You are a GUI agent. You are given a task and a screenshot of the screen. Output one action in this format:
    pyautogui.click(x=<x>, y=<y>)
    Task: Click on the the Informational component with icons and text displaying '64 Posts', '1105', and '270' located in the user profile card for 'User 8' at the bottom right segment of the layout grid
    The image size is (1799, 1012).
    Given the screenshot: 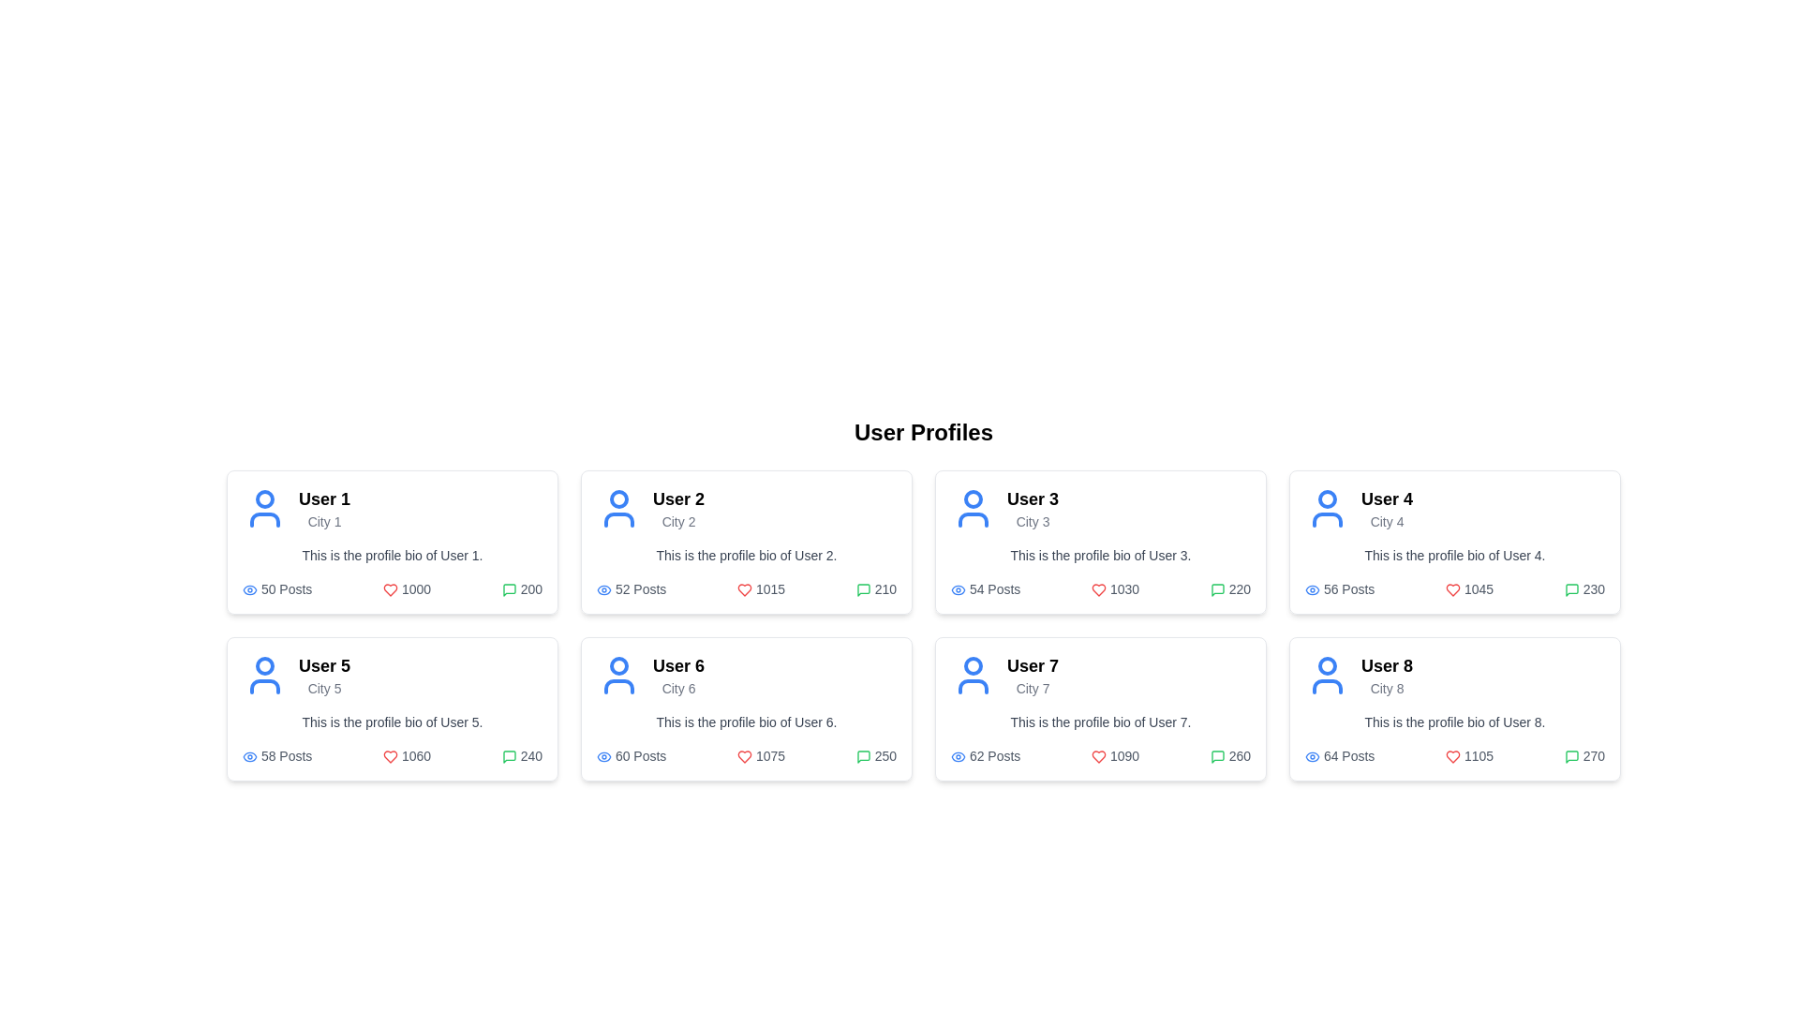 What is the action you would take?
    pyautogui.click(x=1454, y=754)
    